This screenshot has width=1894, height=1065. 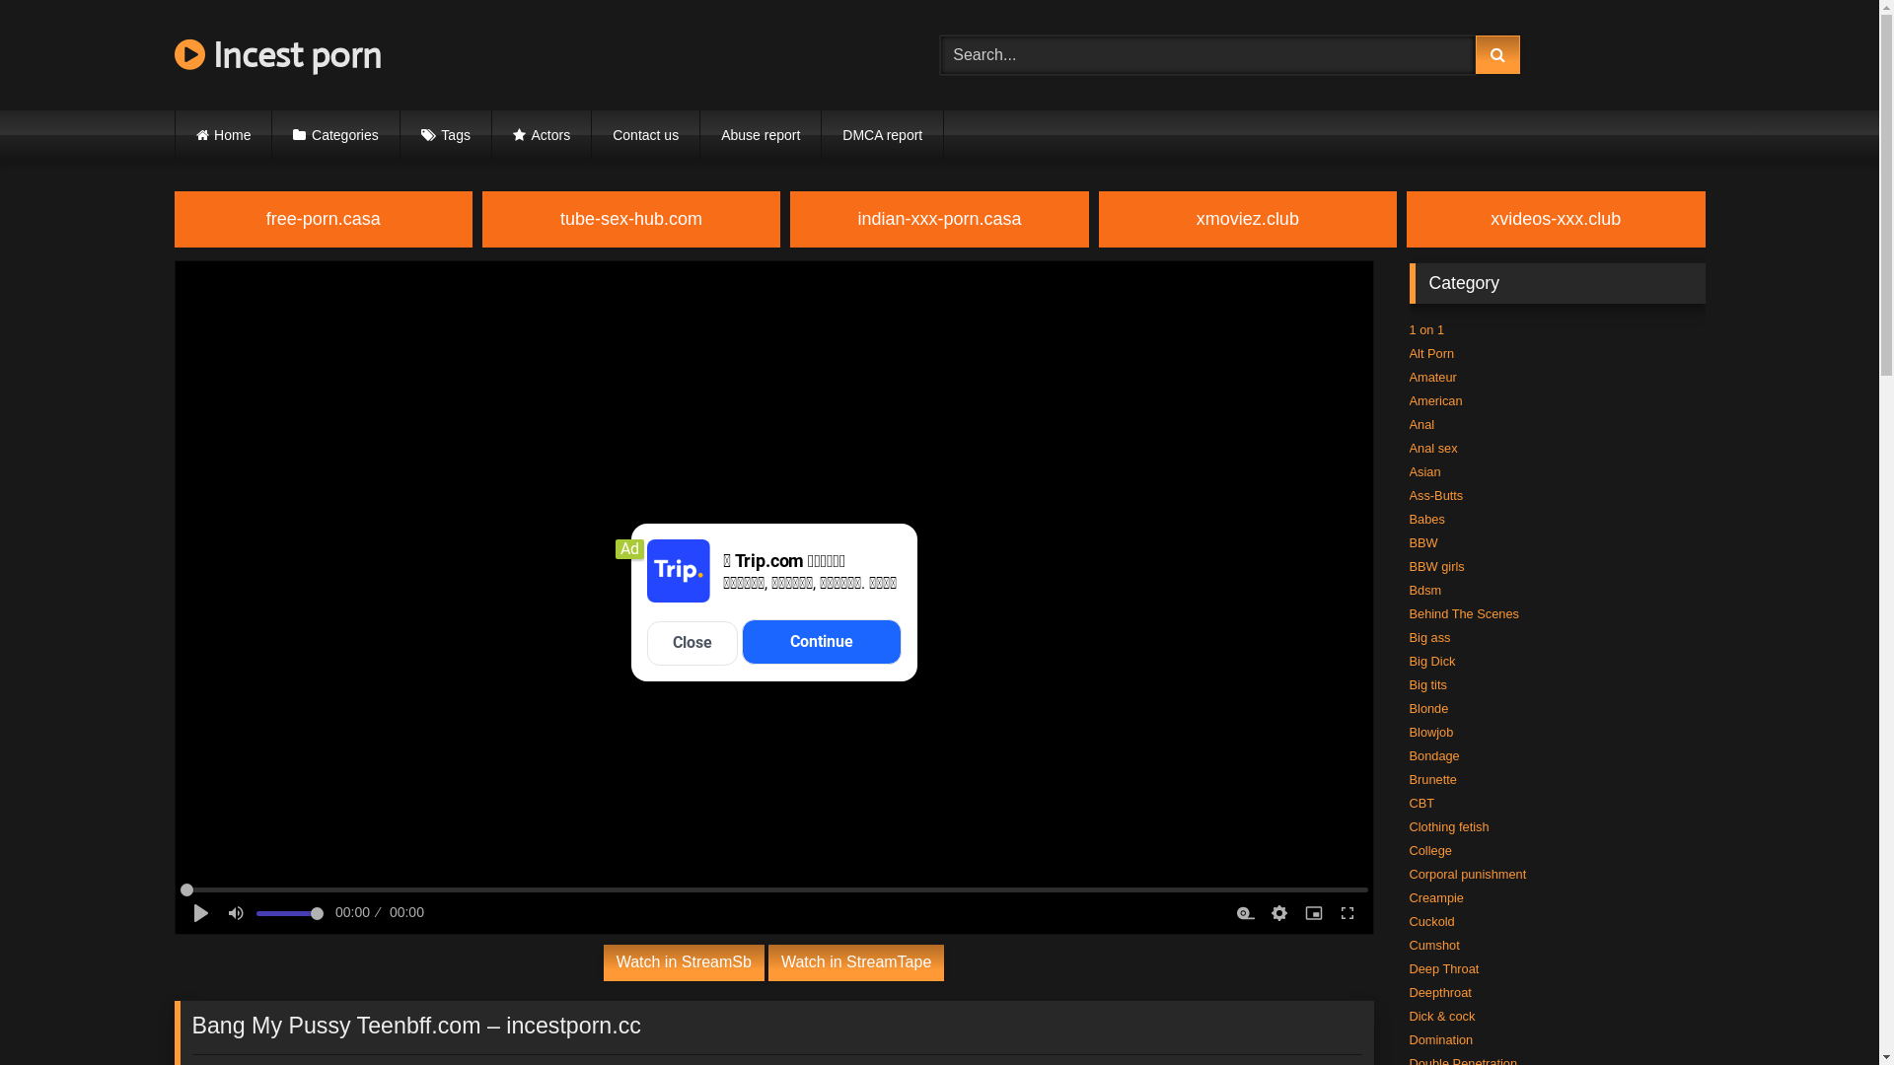 I want to click on 'Cuckold', so click(x=1430, y=921).